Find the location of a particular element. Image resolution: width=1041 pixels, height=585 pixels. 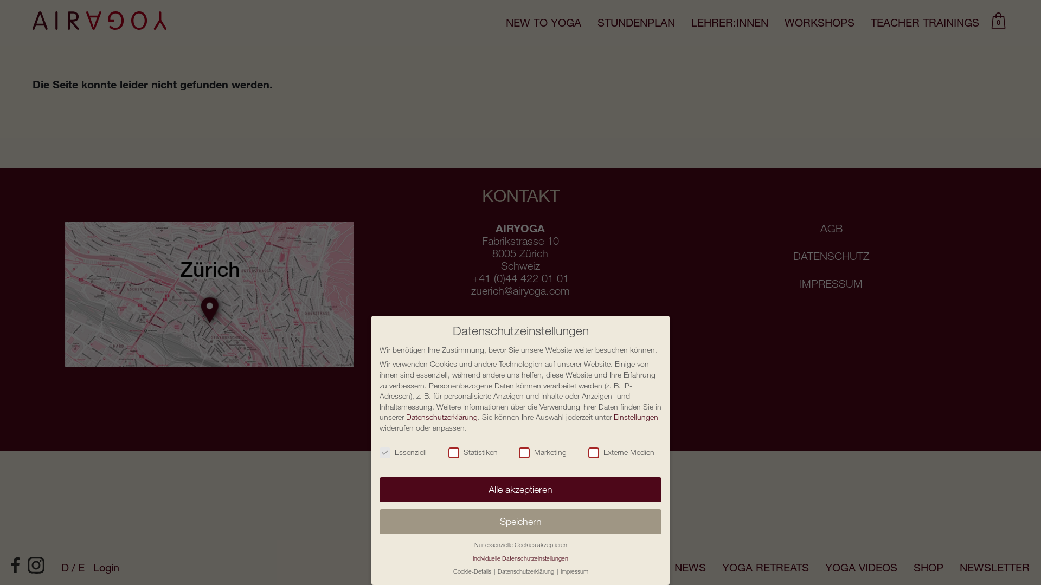

'Impressum' is located at coordinates (574, 570).